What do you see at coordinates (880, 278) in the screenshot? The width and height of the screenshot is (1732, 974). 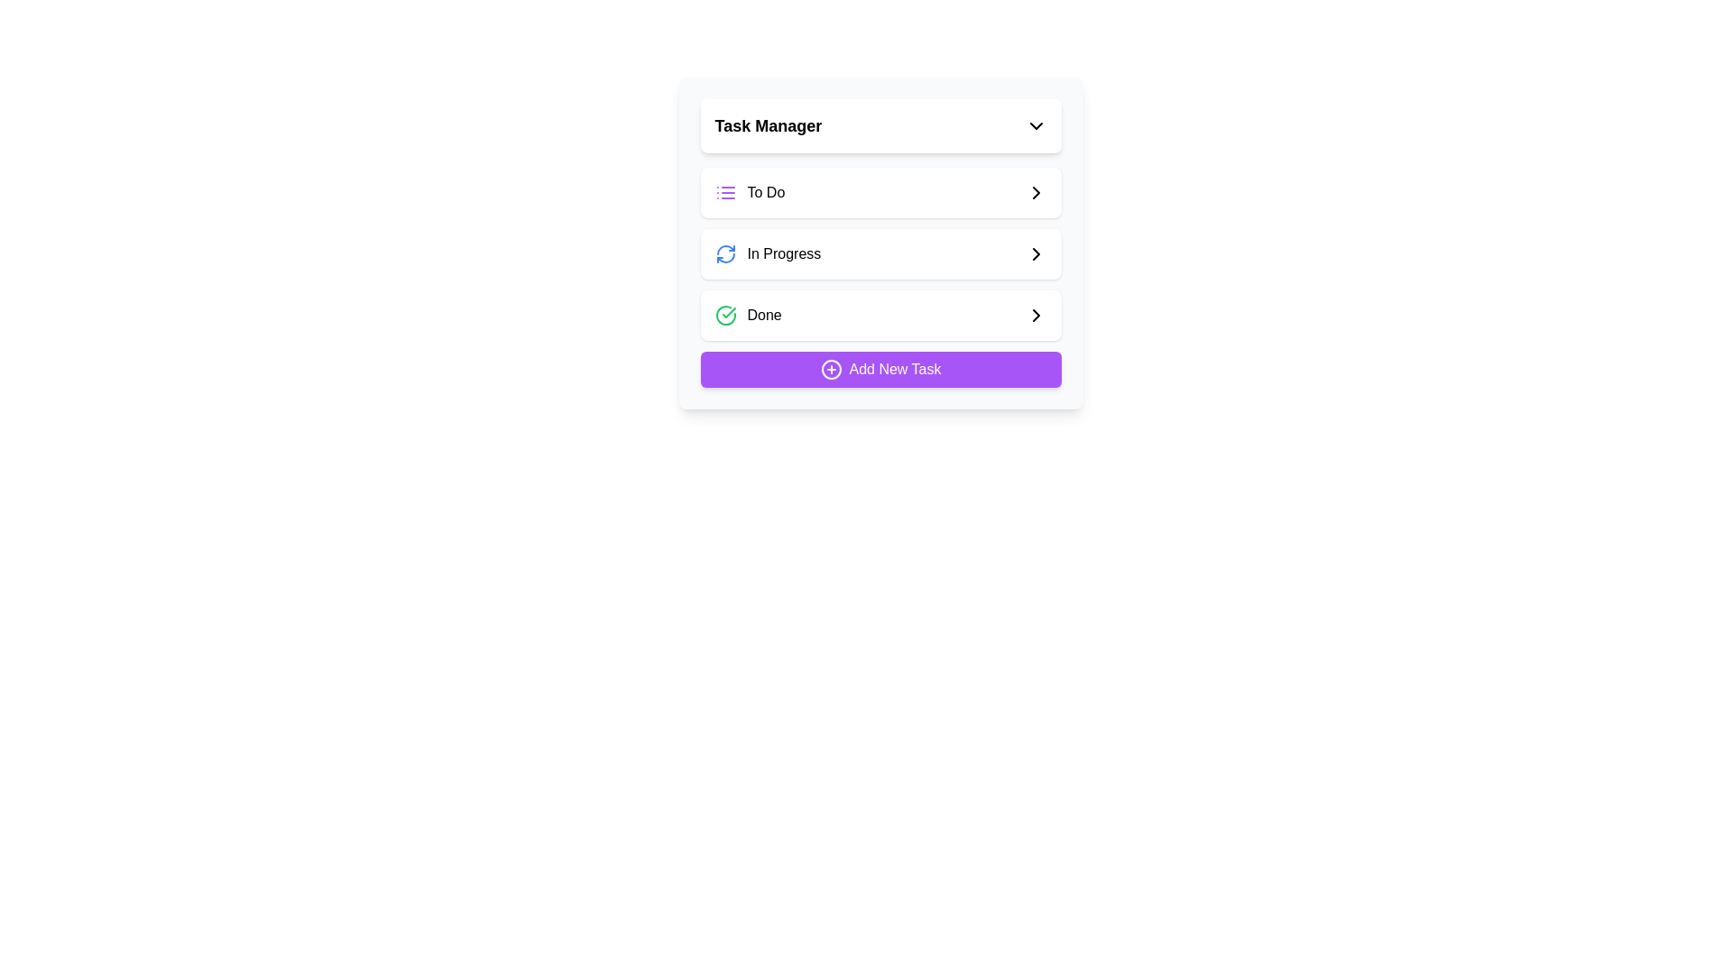 I see `the composite layout element representing the task sections labeled 'To Do', 'In Progress', and 'Done'` at bounding box center [880, 278].